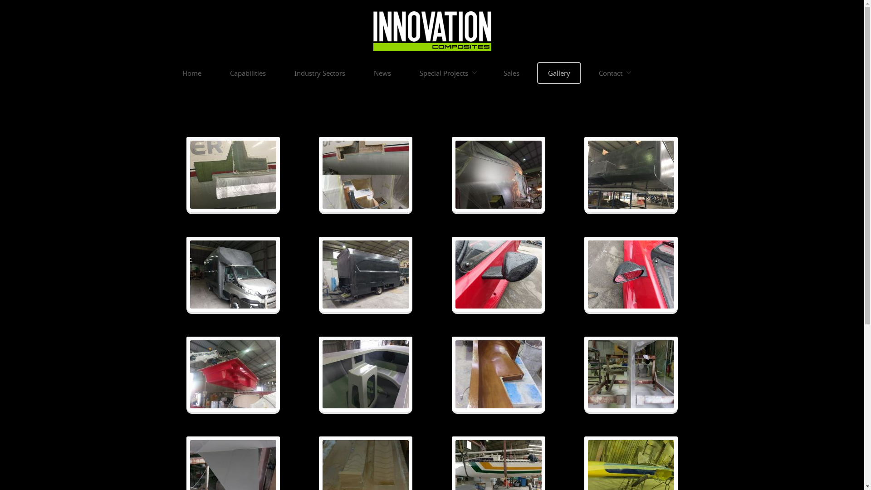 The image size is (871, 490). What do you see at coordinates (558, 73) in the screenshot?
I see `'Gallery'` at bounding box center [558, 73].